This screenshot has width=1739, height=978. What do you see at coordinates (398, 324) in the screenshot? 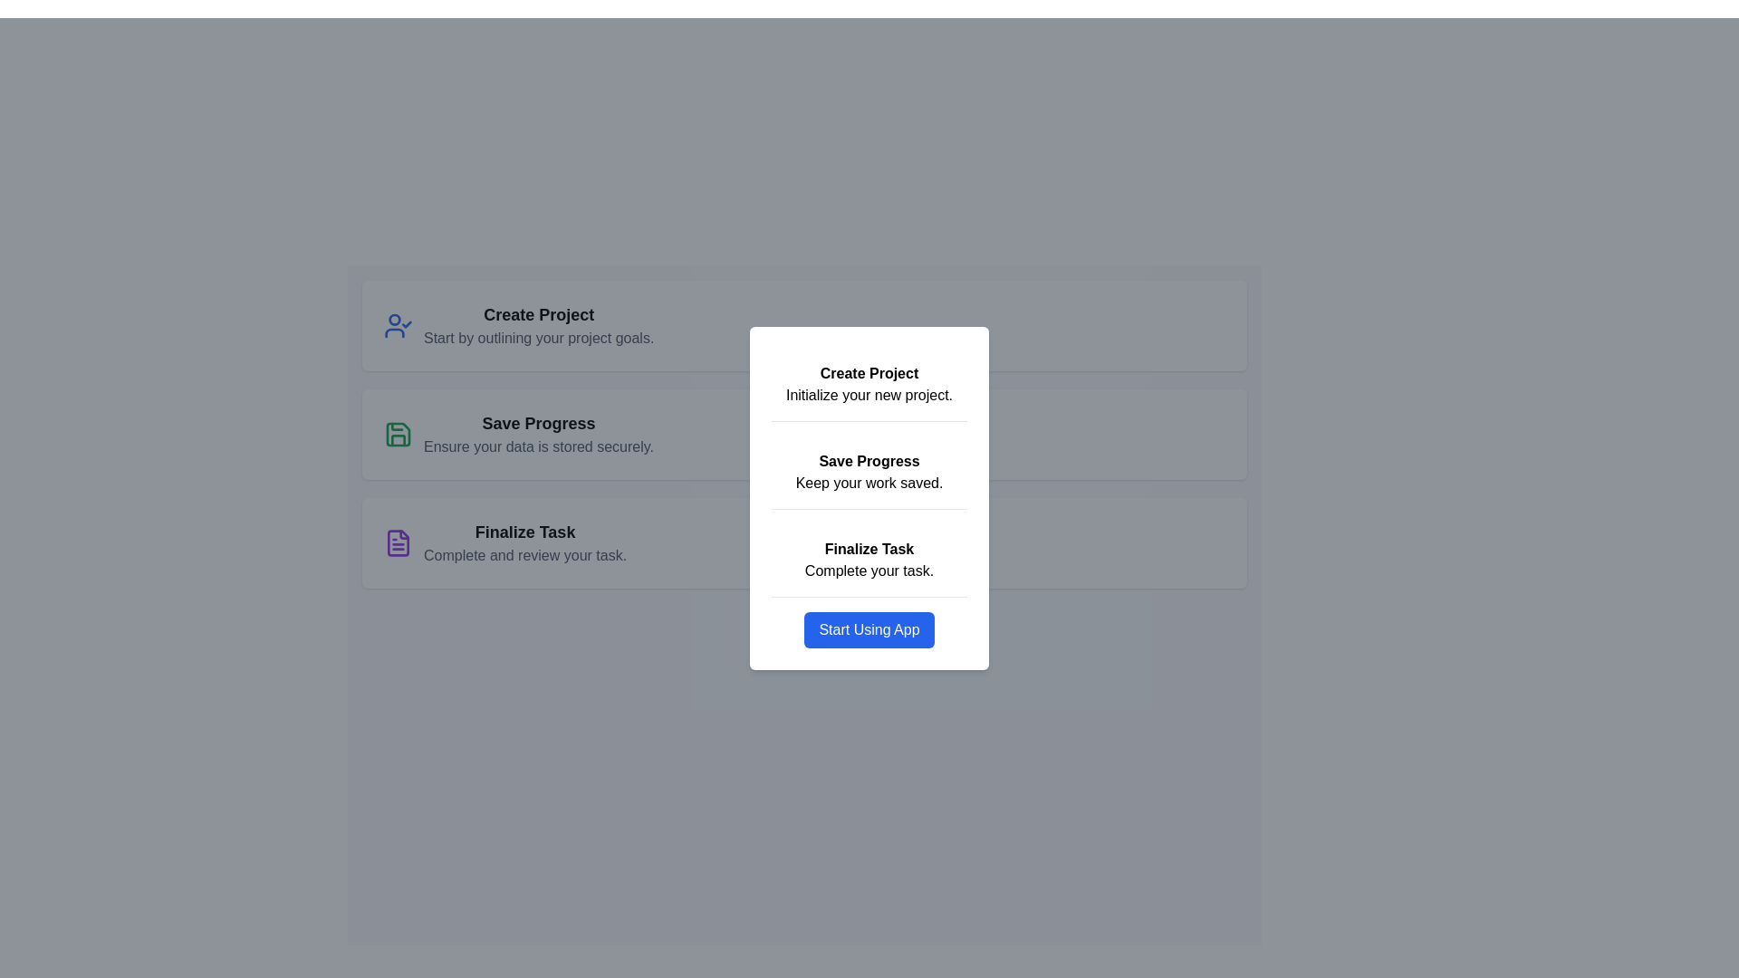
I see `the blue SVG user profile icon with a checkmark, associated with the 'Create Project' item in the topmost section of the options list` at bounding box center [398, 324].